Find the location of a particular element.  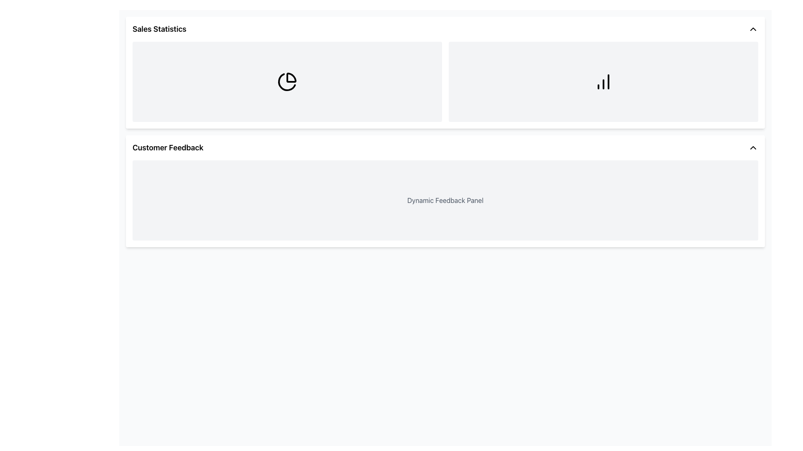

the second rectangular panel in the top row of the grid labeled 'Sales Statistics', which has a light gray background and contains minimalist bar chart-style graphics is located at coordinates (604, 82).